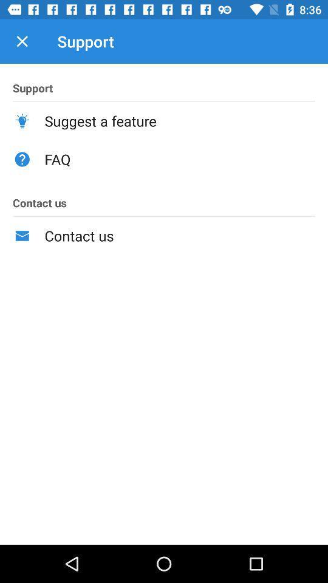  I want to click on icon below the support item, so click(179, 121).